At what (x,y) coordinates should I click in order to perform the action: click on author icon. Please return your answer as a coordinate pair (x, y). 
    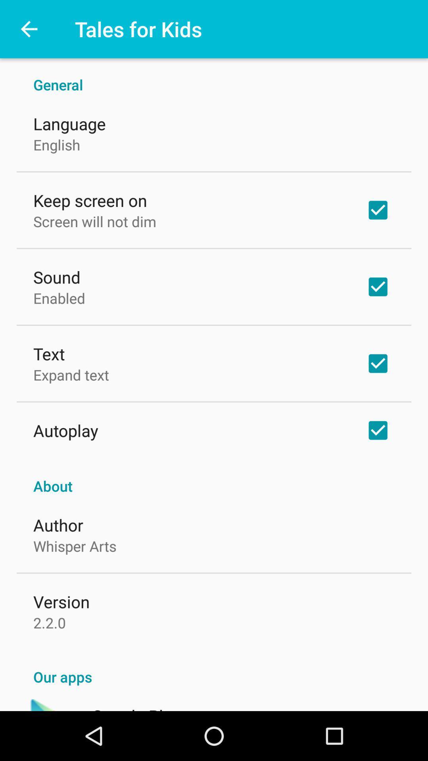
    Looking at the image, I should click on (57, 525).